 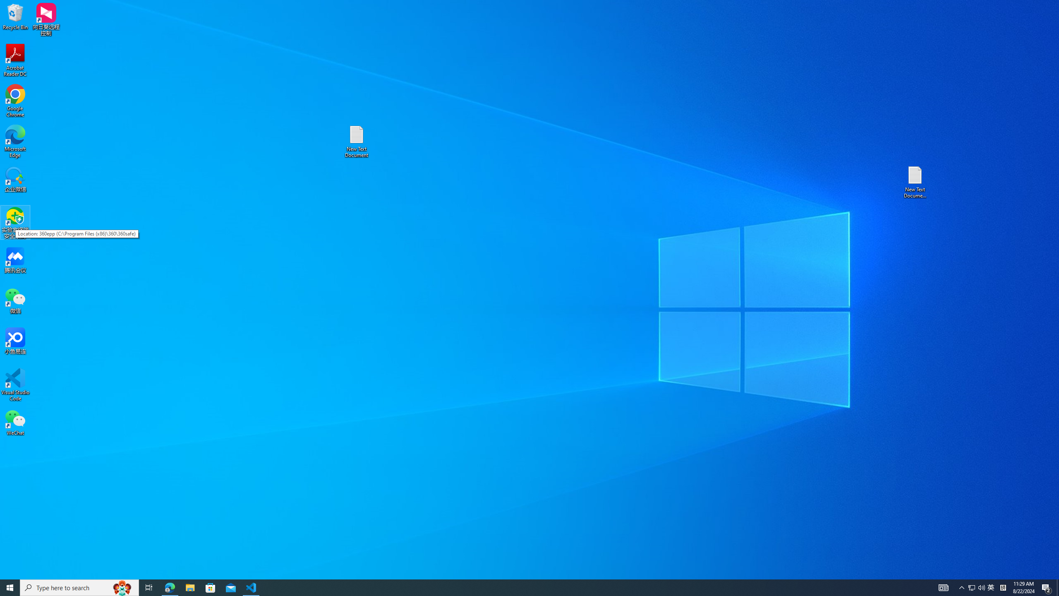 What do you see at coordinates (943, 587) in the screenshot?
I see `'AutomationID: 4105'` at bounding box center [943, 587].